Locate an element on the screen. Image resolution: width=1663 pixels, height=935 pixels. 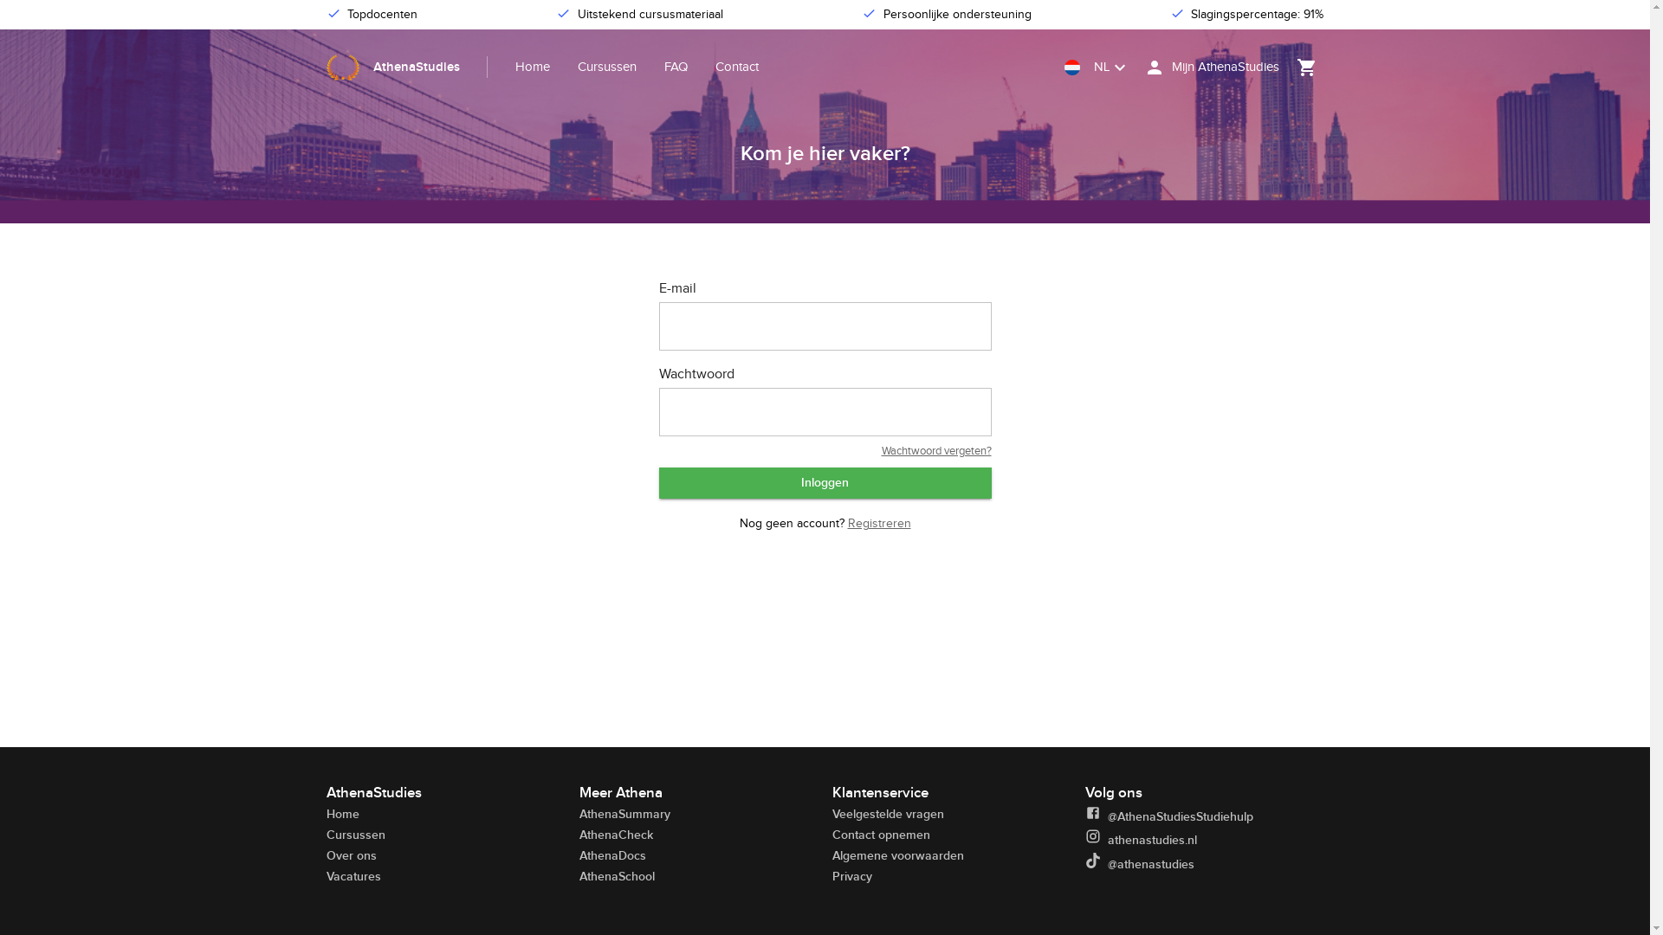
'Veelgestelde vragen' is located at coordinates (887, 814).